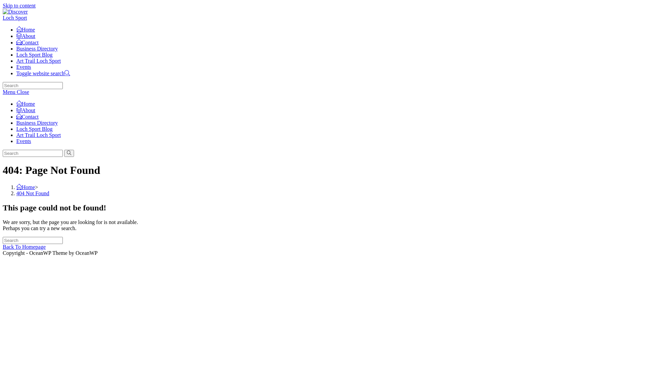 The width and height of the screenshot is (652, 366). Describe the element at coordinates (25, 29) in the screenshot. I see `'Home'` at that location.